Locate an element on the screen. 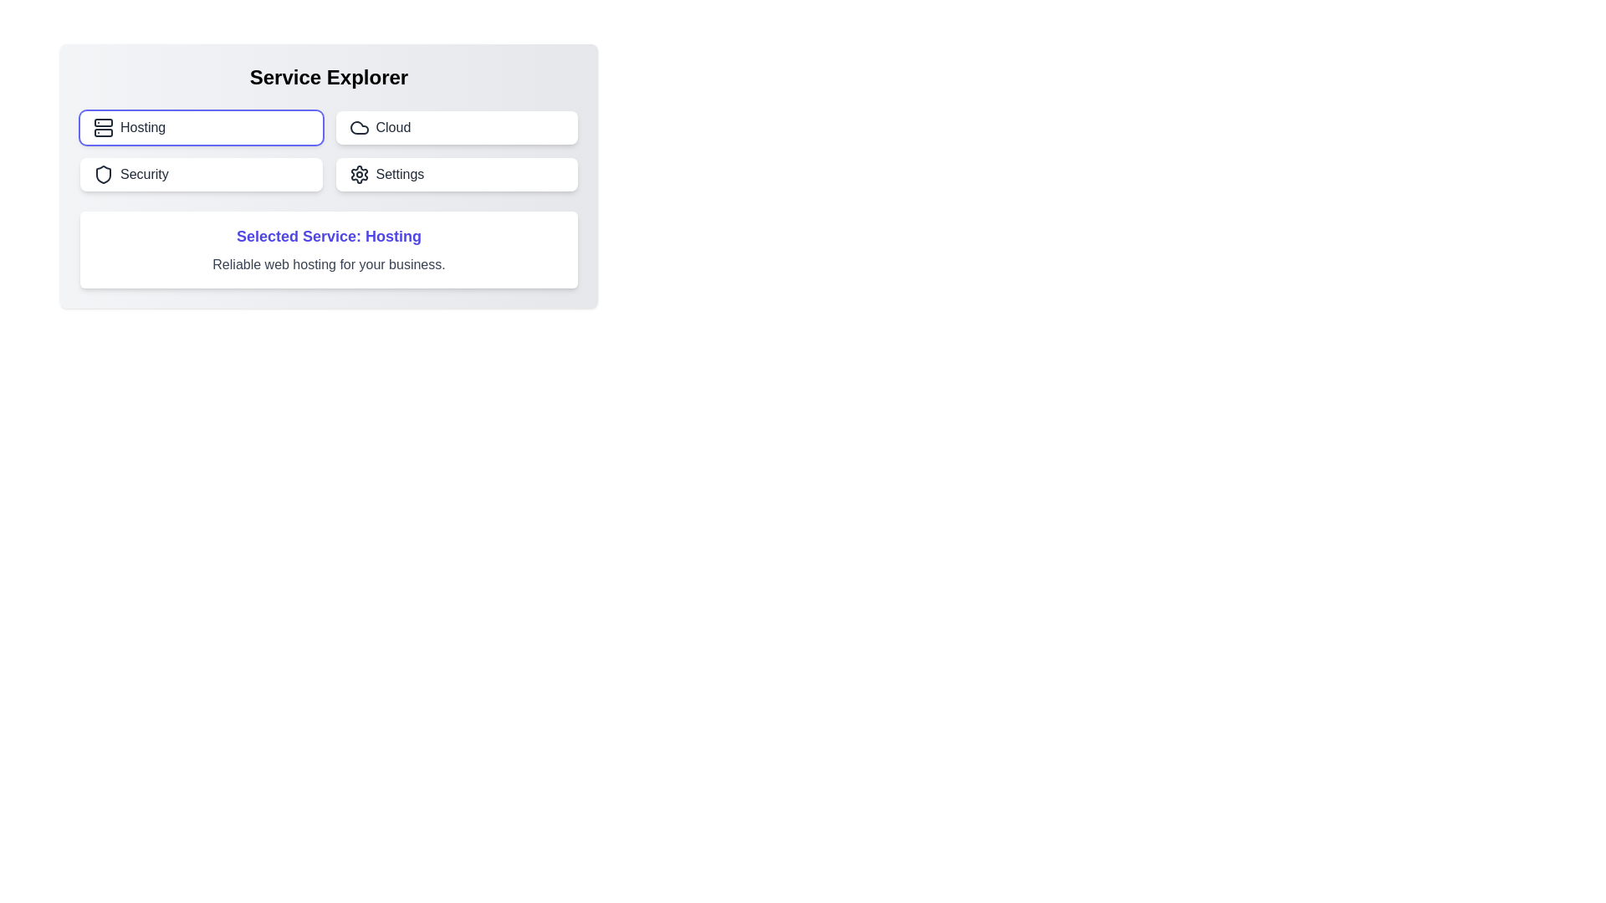 This screenshot has width=1606, height=903. the static text label reading 'Service Explorer' which is styled in bold, large font at the top of a white card with rounded corners is located at coordinates (329, 77).